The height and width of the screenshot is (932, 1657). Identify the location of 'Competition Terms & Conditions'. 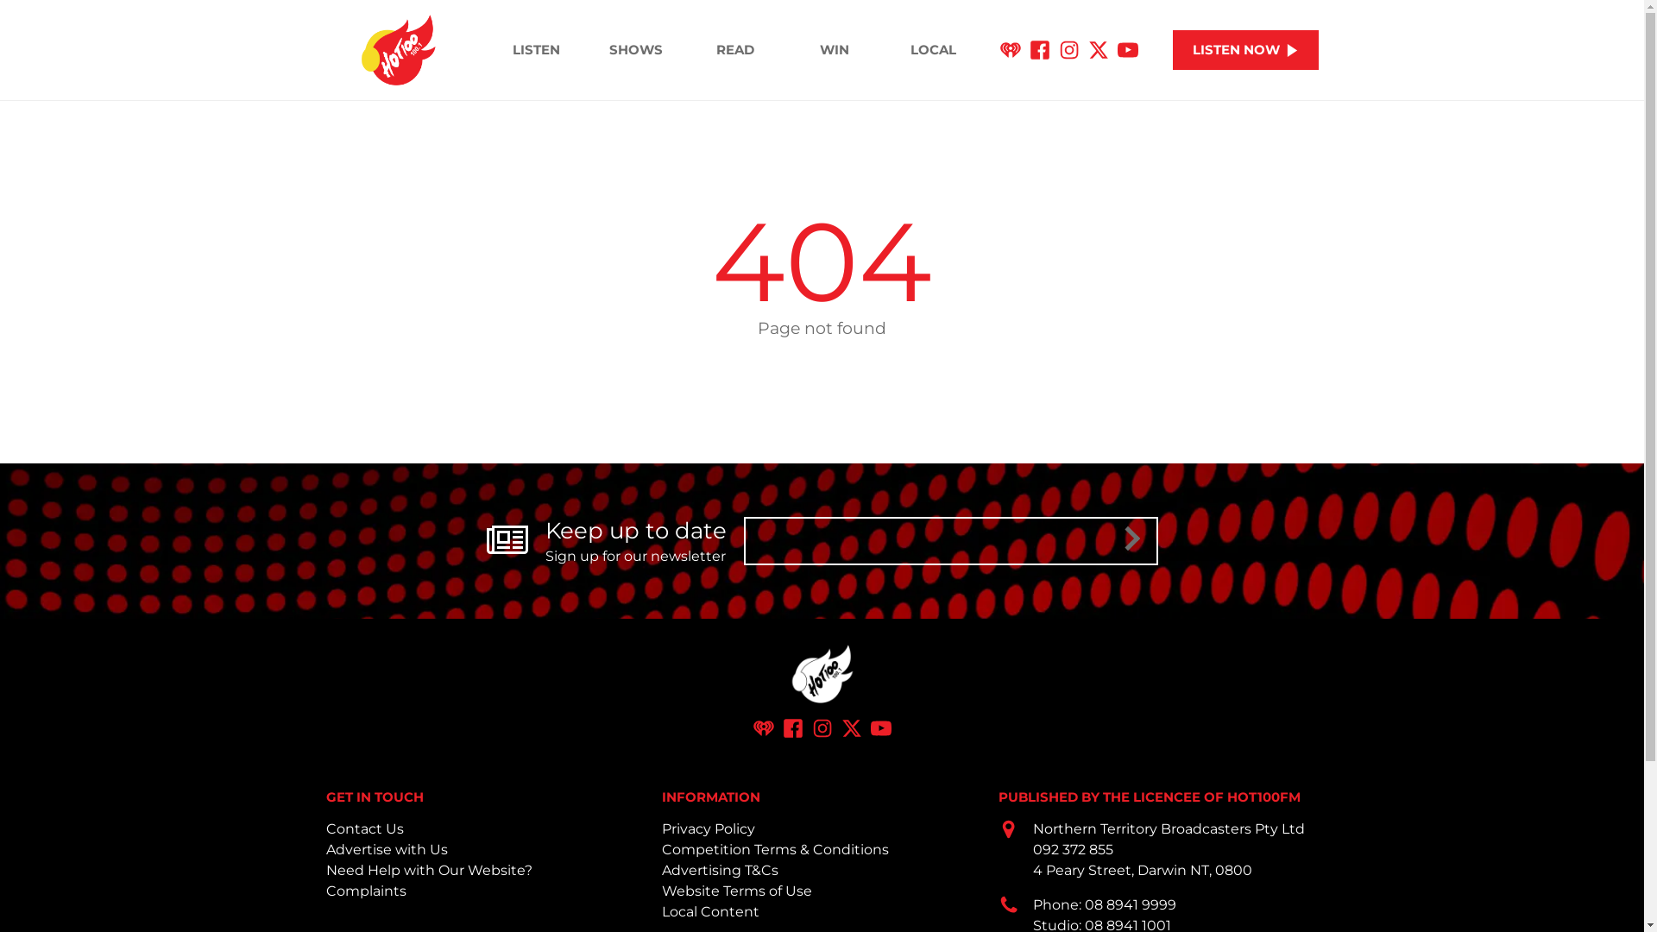
(774, 848).